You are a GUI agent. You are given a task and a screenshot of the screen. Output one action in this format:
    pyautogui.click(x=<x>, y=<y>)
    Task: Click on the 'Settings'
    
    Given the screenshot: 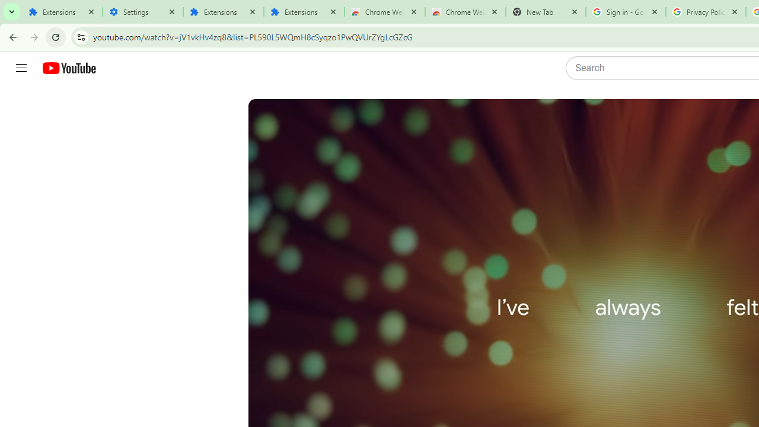 What is the action you would take?
    pyautogui.click(x=142, y=12)
    